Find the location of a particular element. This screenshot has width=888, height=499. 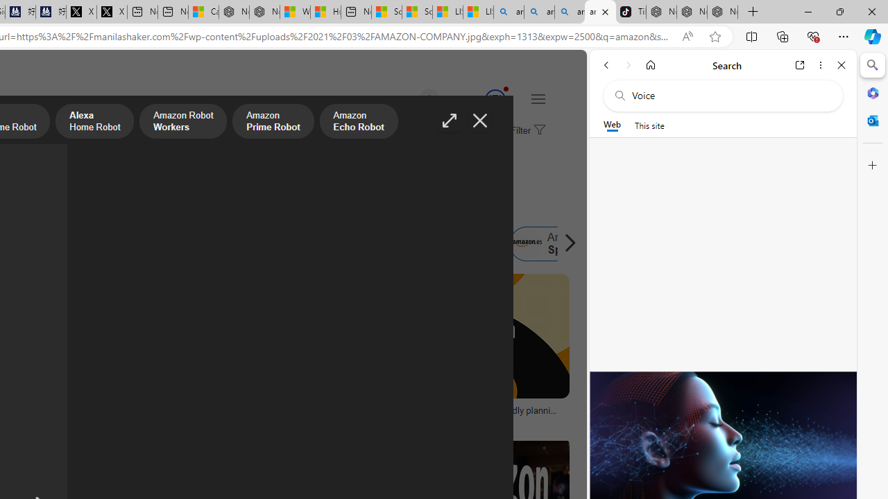

'Close image' is located at coordinates (480, 120).